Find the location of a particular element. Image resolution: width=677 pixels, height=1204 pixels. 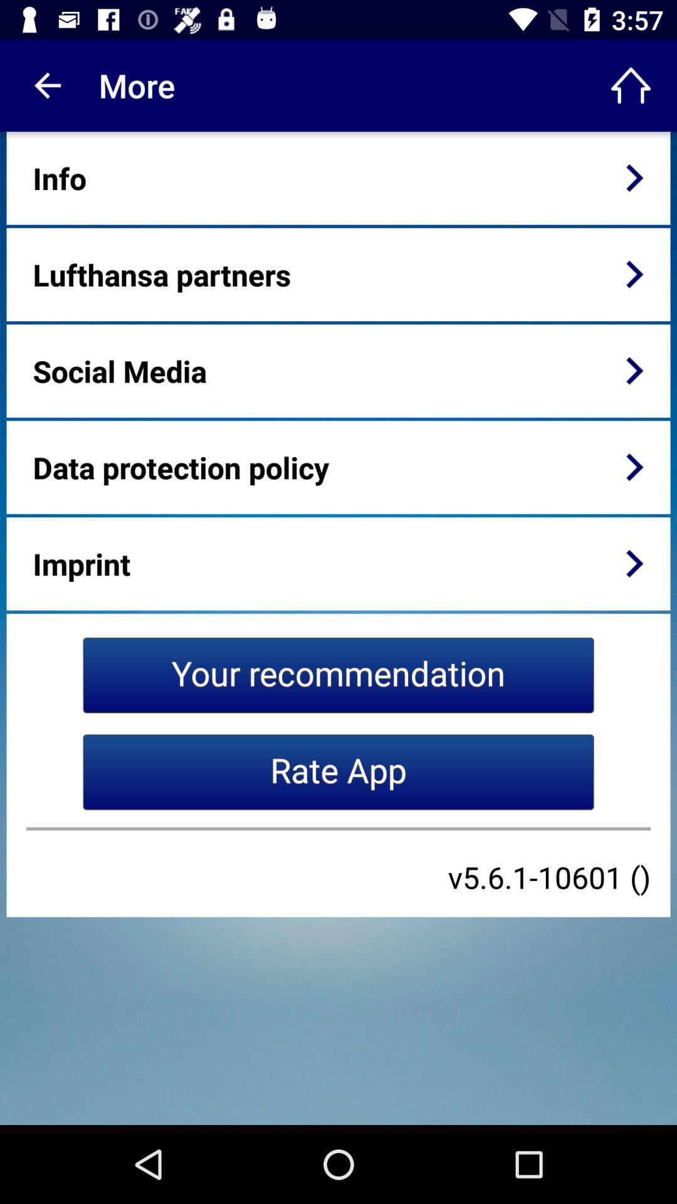

icon below the rate app item is located at coordinates (338, 828).